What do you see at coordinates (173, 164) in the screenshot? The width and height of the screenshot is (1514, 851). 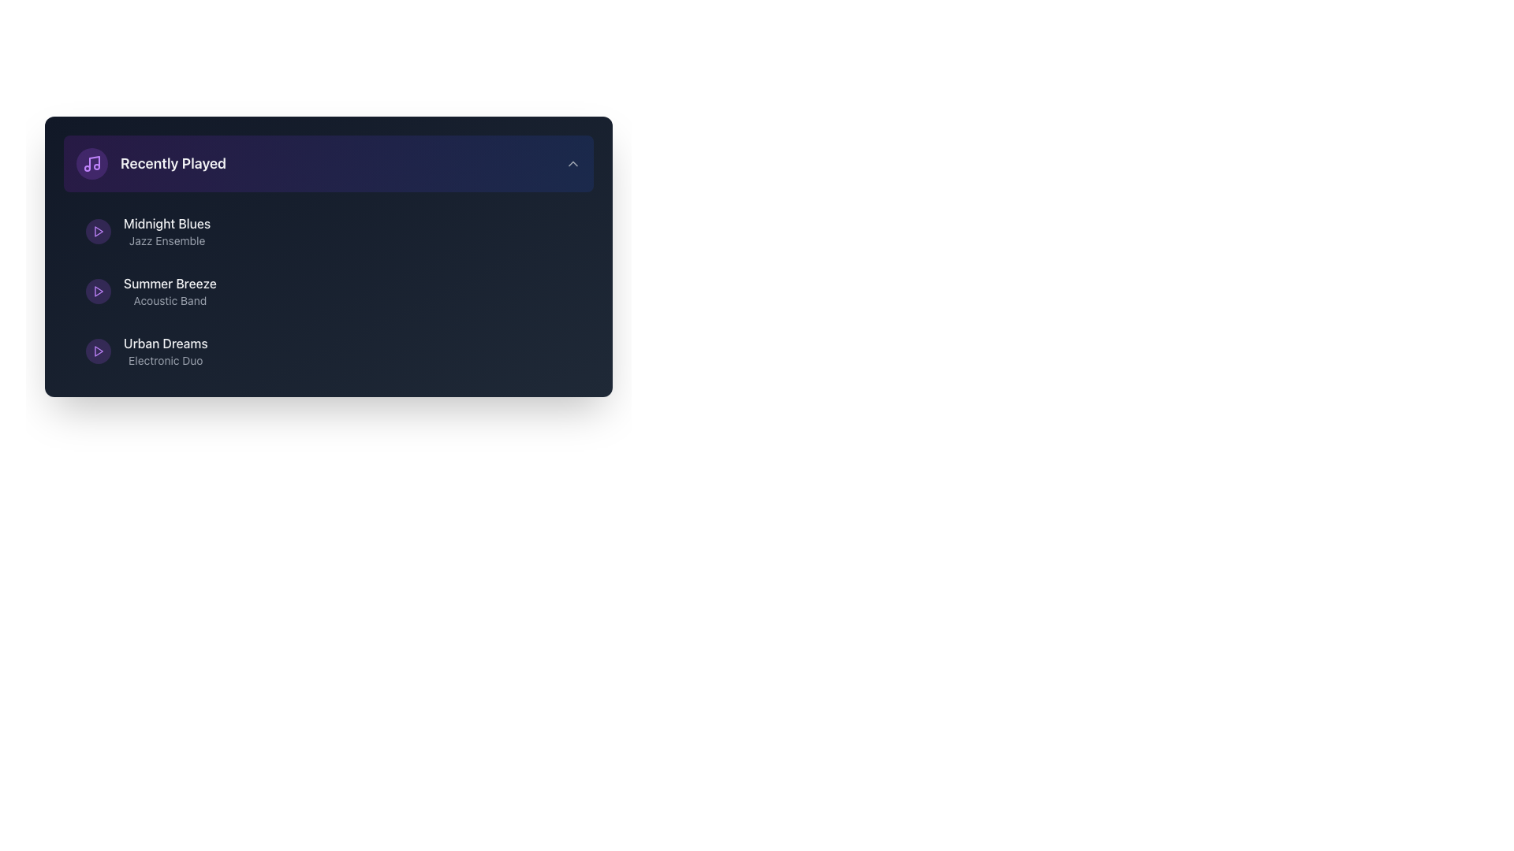 I see `text from the 'Recently Played' header, which is a bold, large light gray text on a dark blue background, positioned near the top of the layout` at bounding box center [173, 164].